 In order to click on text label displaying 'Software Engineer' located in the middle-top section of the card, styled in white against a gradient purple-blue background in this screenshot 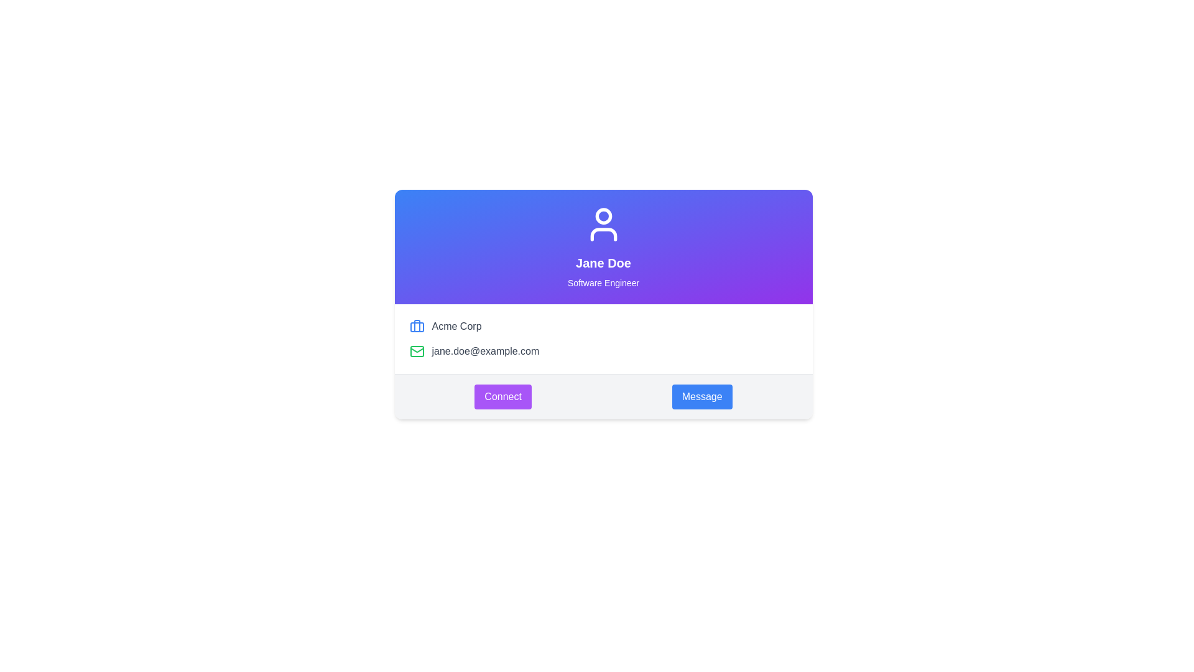, I will do `click(603, 283)`.